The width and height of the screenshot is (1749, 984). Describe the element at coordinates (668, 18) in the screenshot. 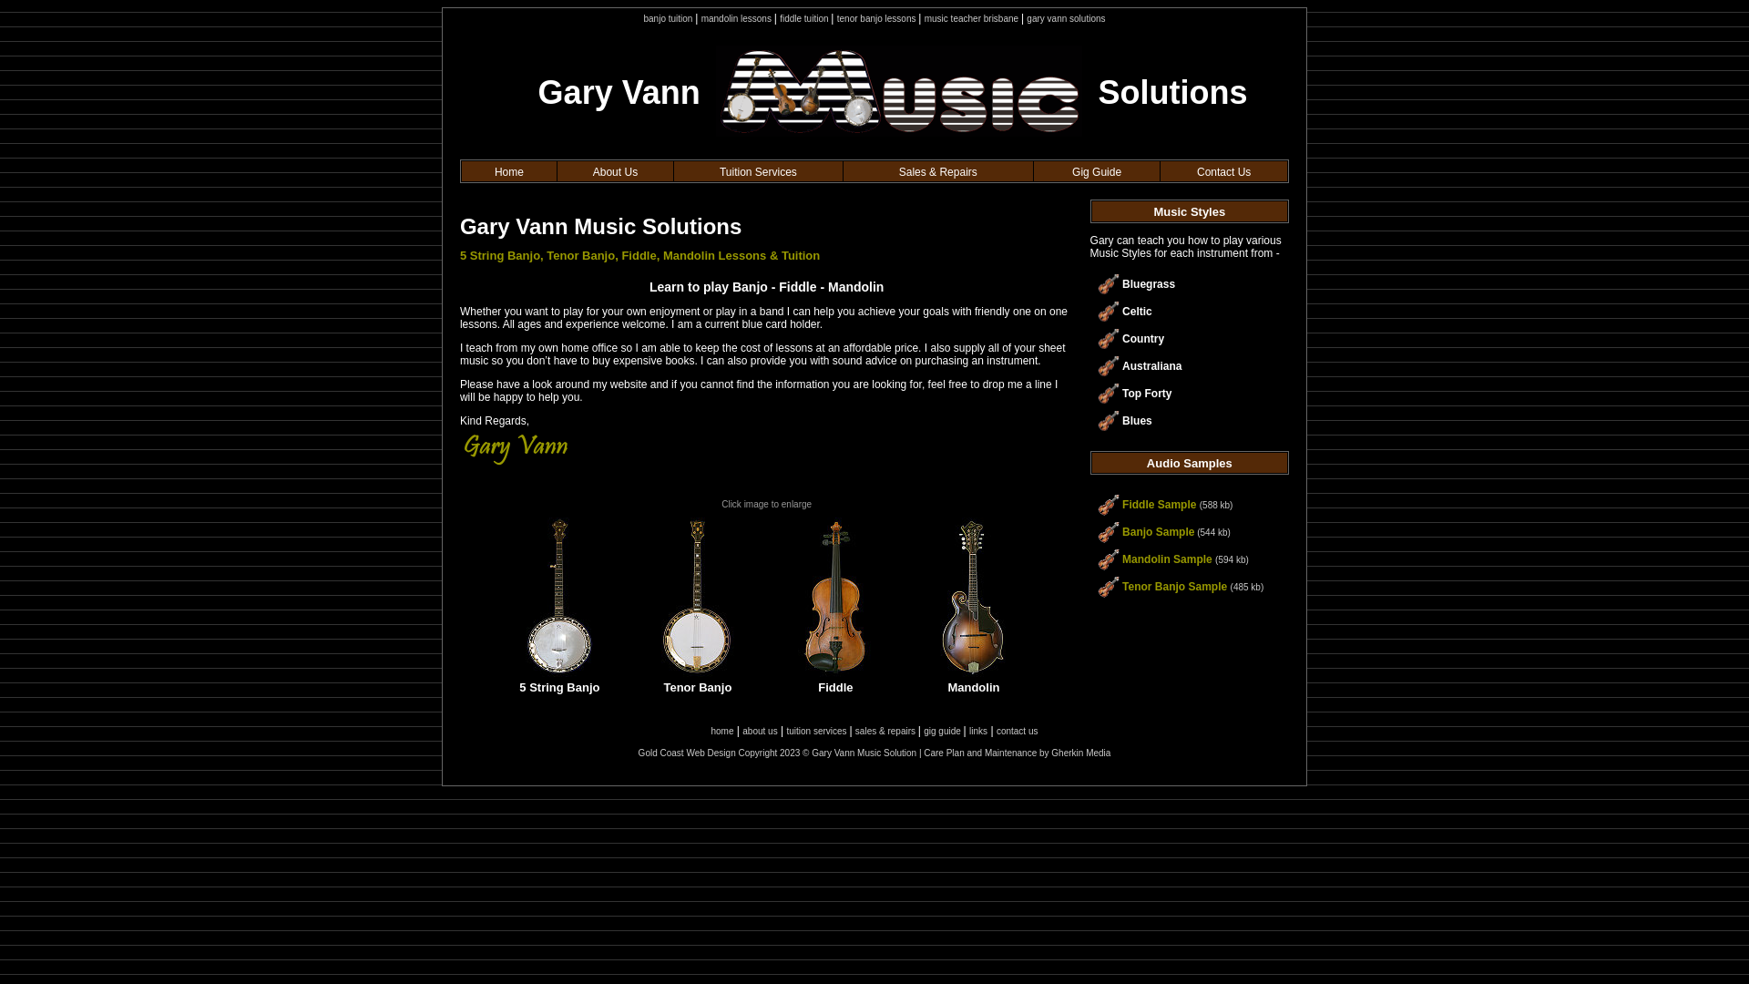

I see `'banjo tuition'` at that location.